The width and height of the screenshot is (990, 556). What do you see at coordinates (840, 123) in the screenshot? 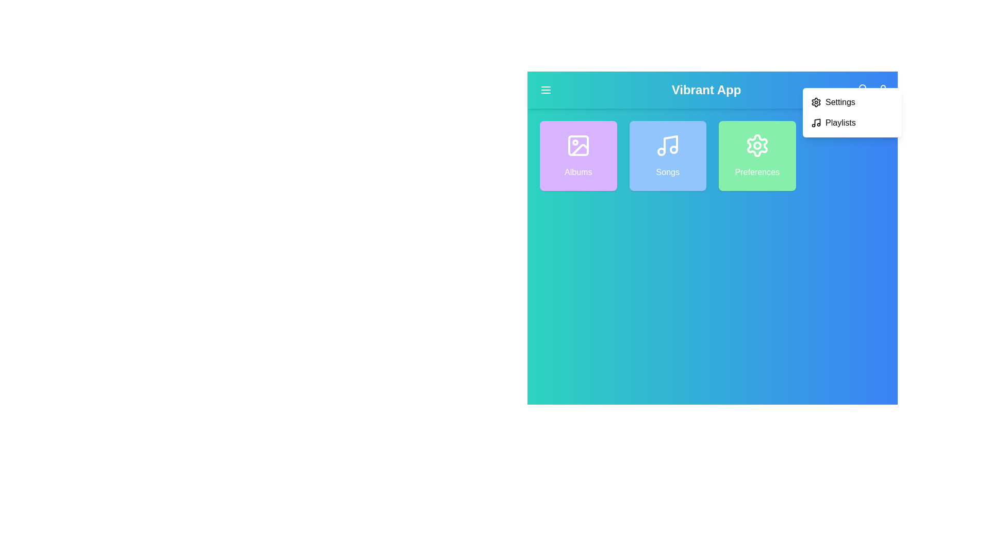
I see `the 'Playlists' option in the dropdown menu` at bounding box center [840, 123].